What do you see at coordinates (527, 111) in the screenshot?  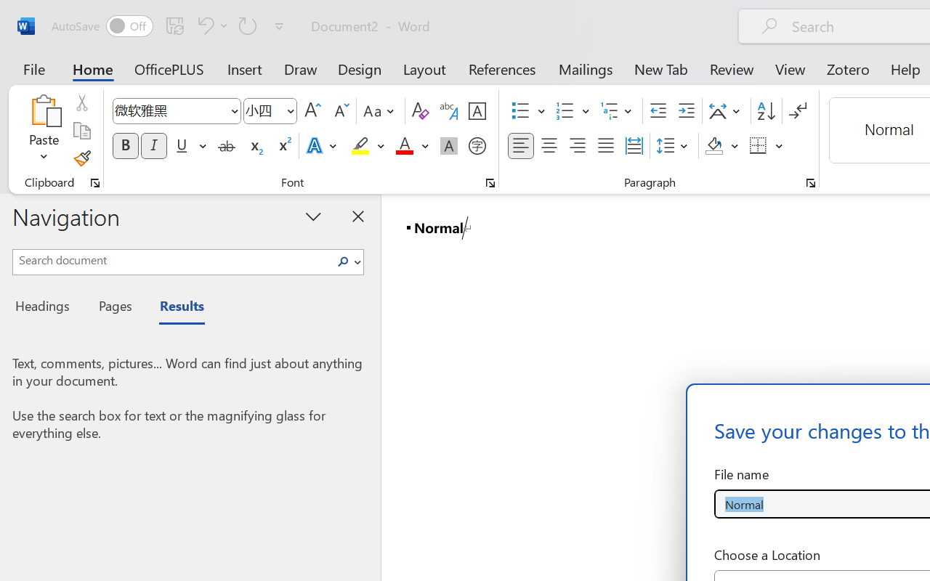 I see `'Bullets'` at bounding box center [527, 111].